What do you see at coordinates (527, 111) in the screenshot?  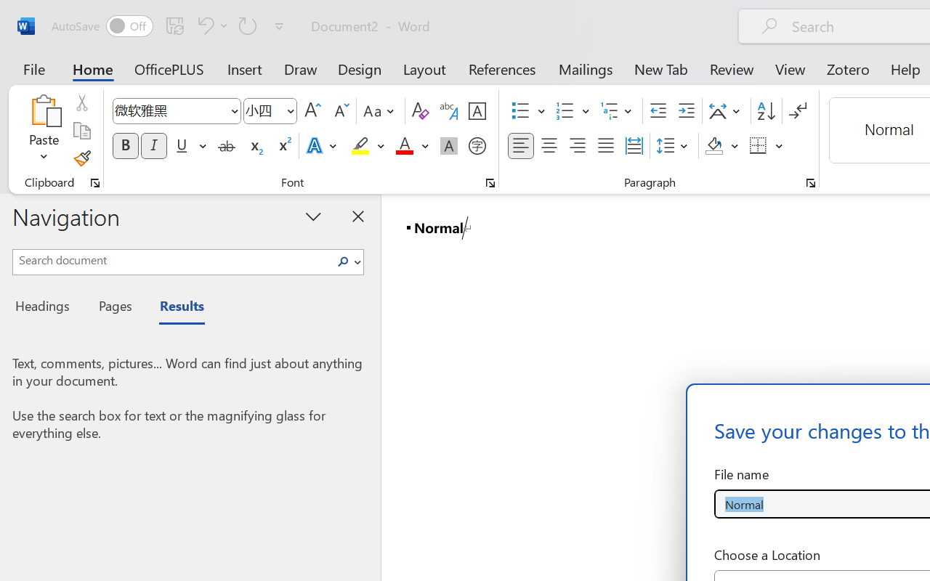 I see `'Bullets'` at bounding box center [527, 111].